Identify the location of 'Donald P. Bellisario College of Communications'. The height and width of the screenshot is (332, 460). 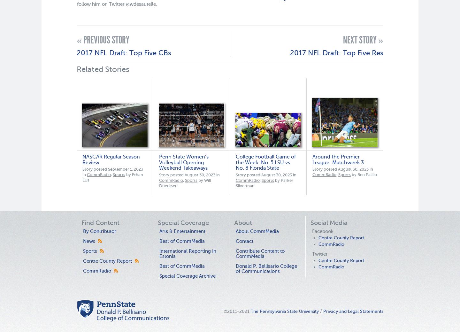
(266, 268).